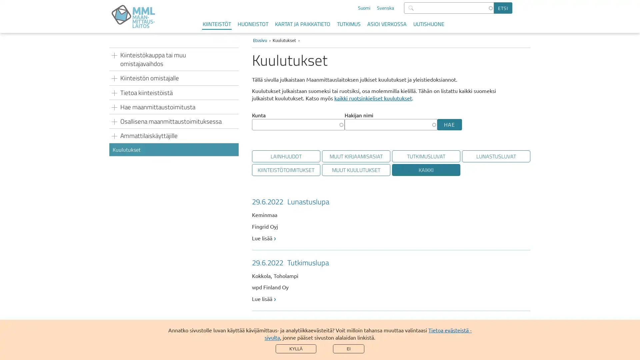 This screenshot has width=640, height=360. I want to click on KAIKKI, so click(425, 169).